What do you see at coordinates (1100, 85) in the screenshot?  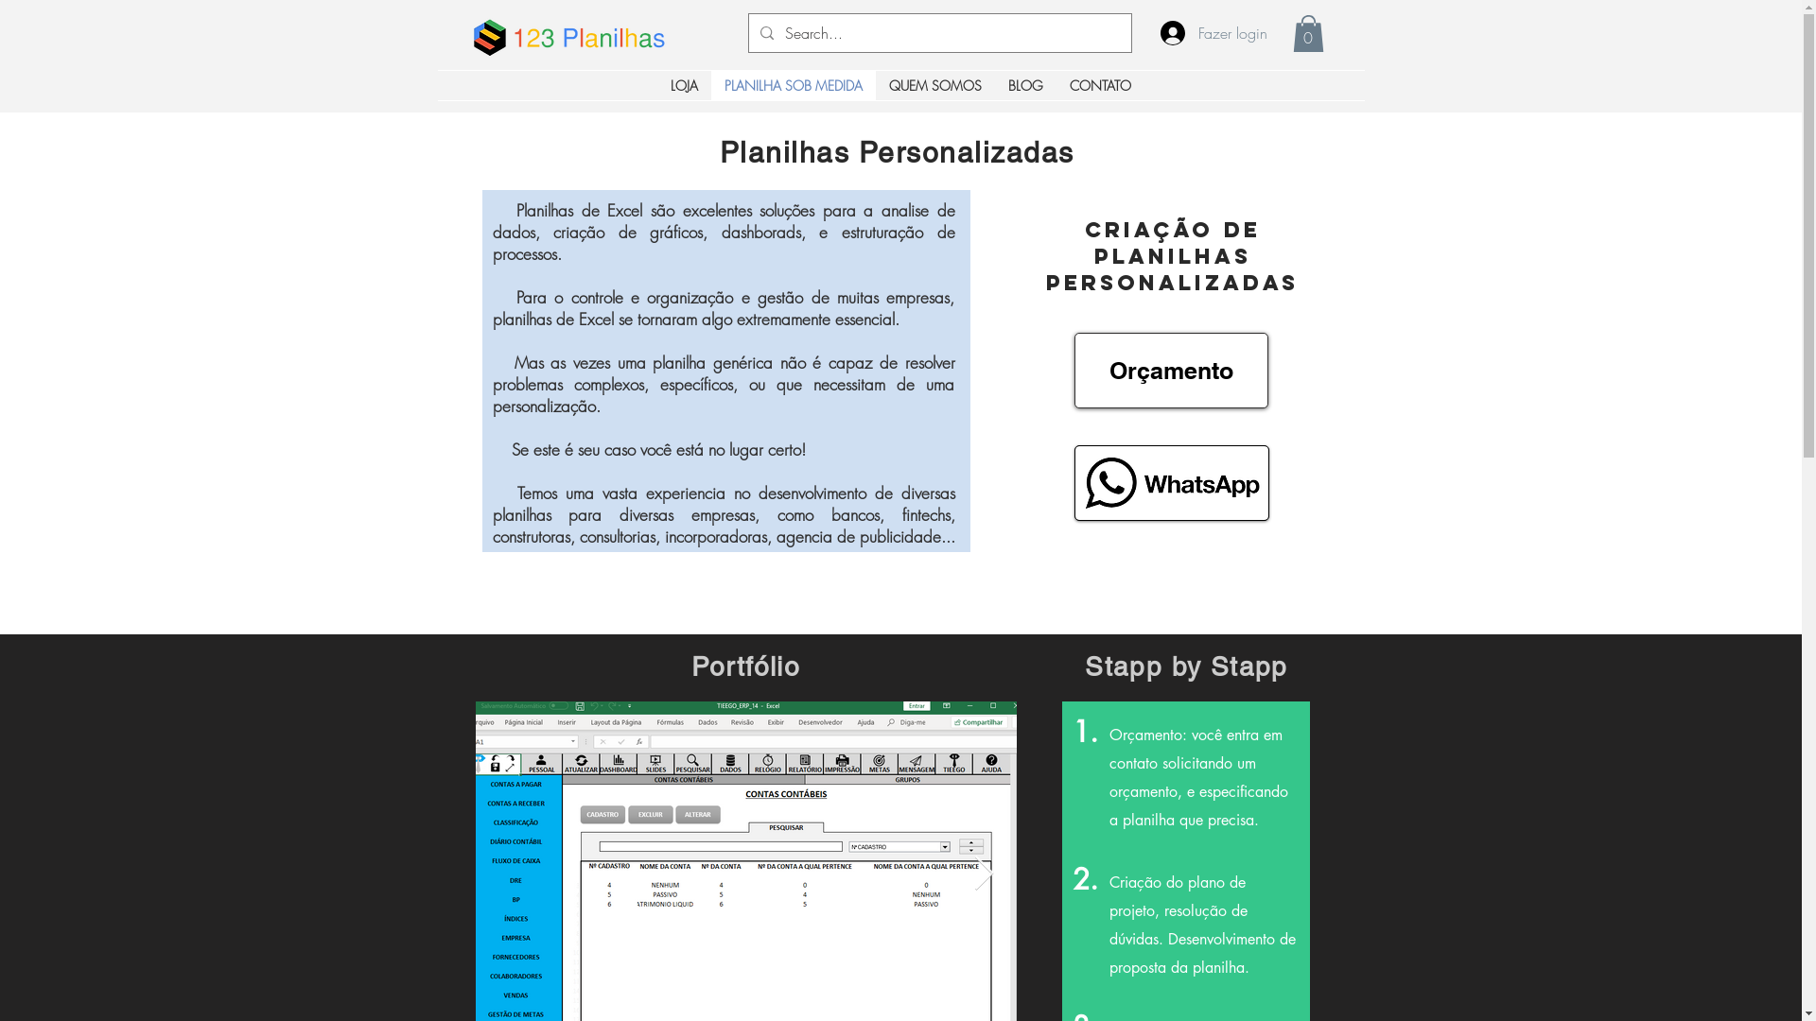 I see `'CONTATO'` at bounding box center [1100, 85].